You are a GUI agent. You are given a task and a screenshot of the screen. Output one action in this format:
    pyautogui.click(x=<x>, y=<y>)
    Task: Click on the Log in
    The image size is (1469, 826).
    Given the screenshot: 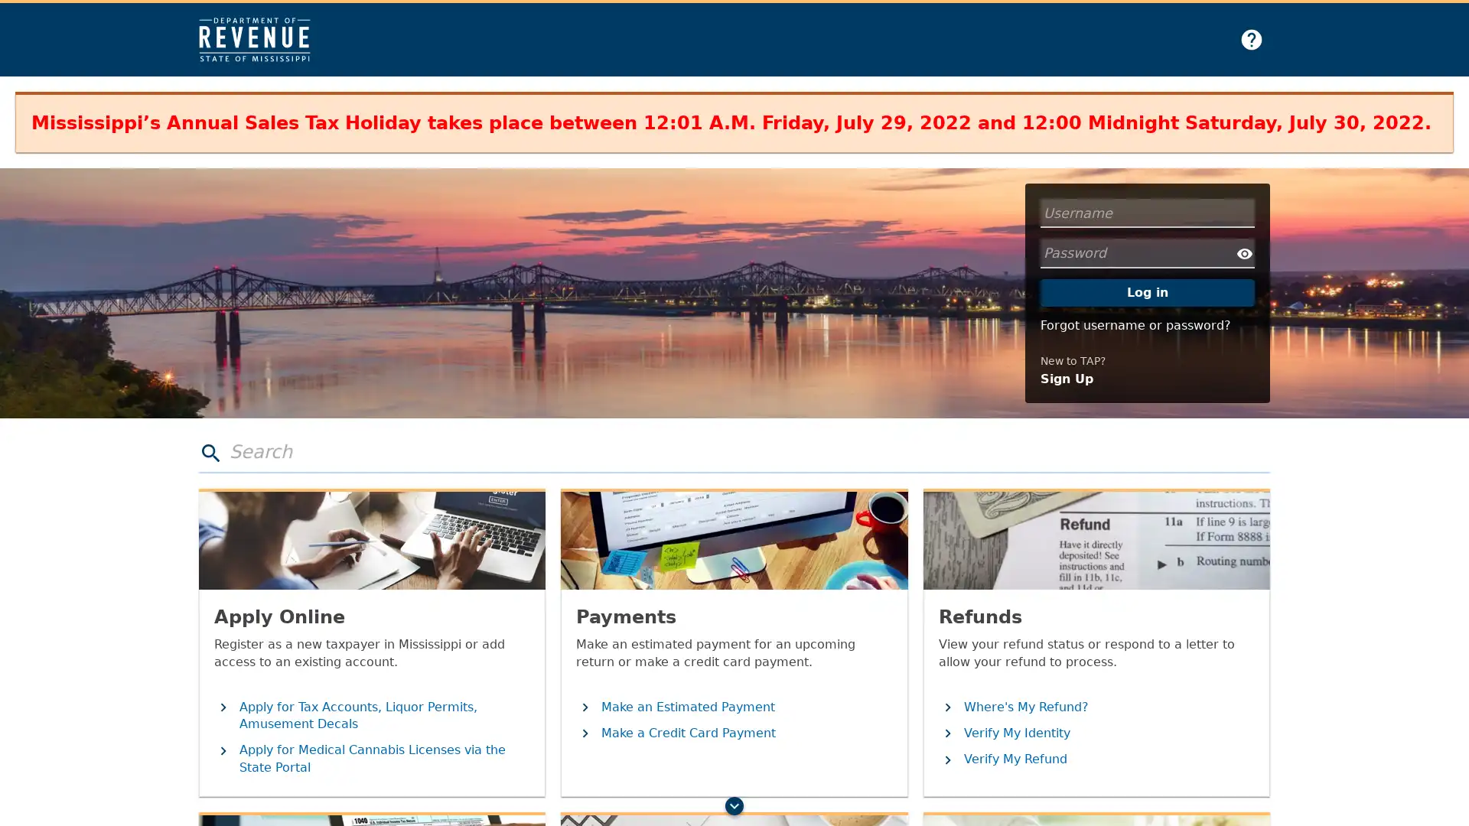 What is the action you would take?
    pyautogui.click(x=1147, y=292)
    